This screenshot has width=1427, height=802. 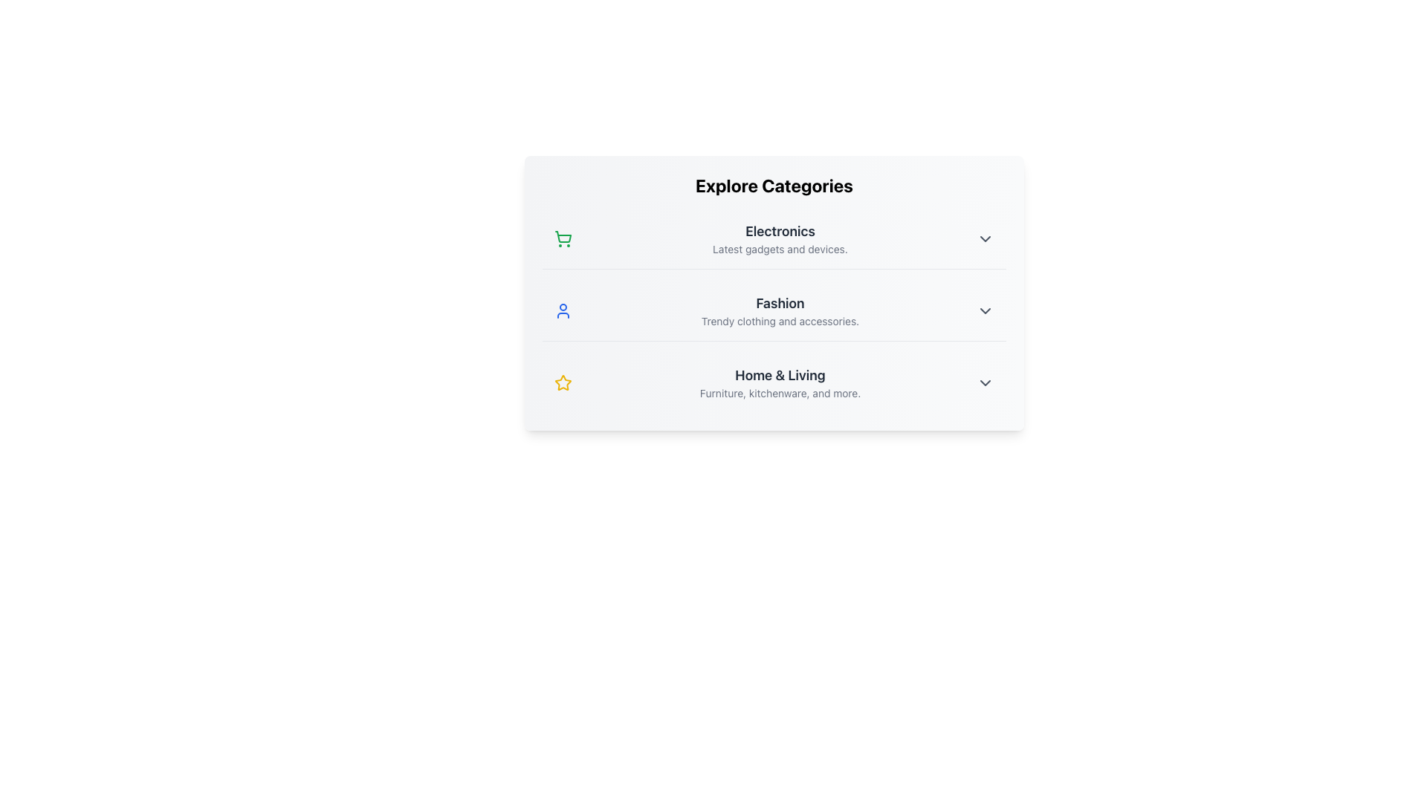 I want to click on the 'Electronics' text block with the title and description, so click(x=780, y=238).